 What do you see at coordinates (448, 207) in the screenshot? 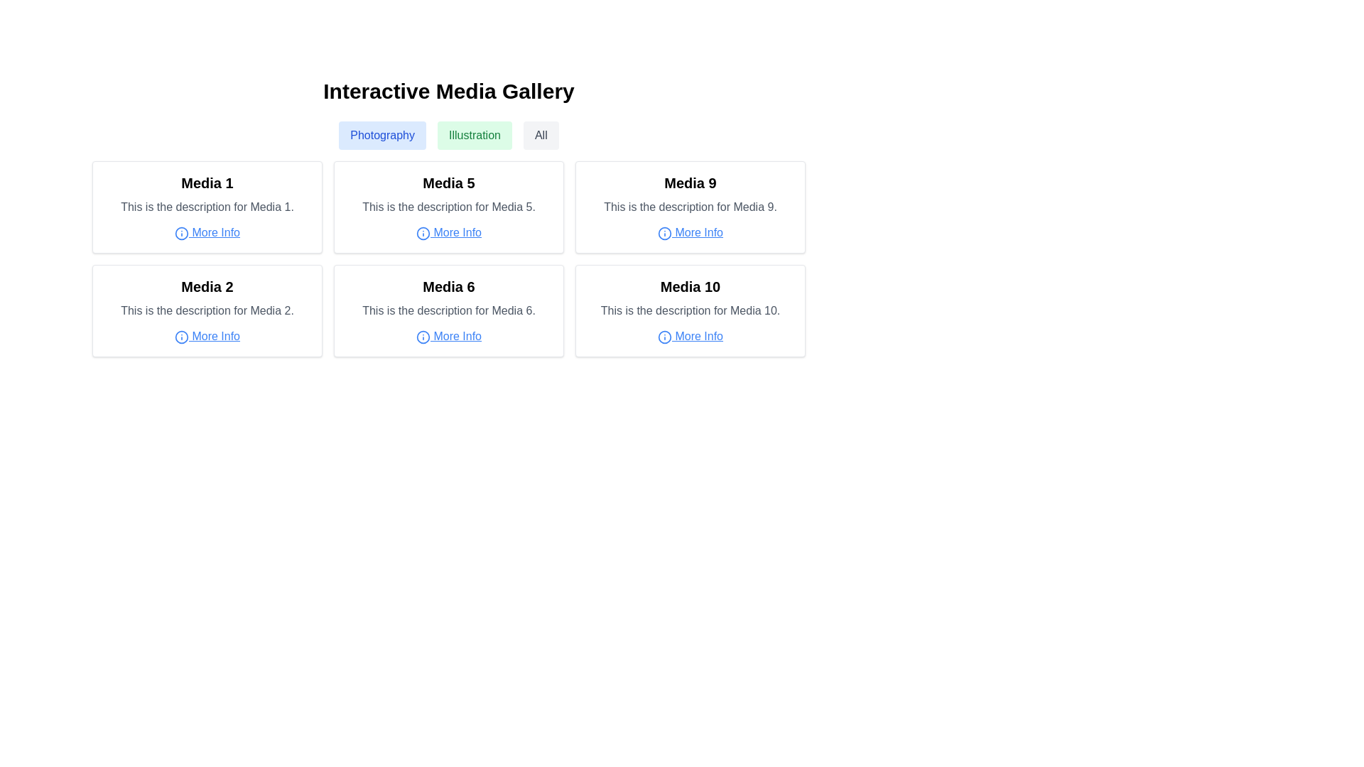
I see `text snippet 'This is the description for Media 5.' located below the title 'Media 5' within the content card in the media gallery layout` at bounding box center [448, 207].